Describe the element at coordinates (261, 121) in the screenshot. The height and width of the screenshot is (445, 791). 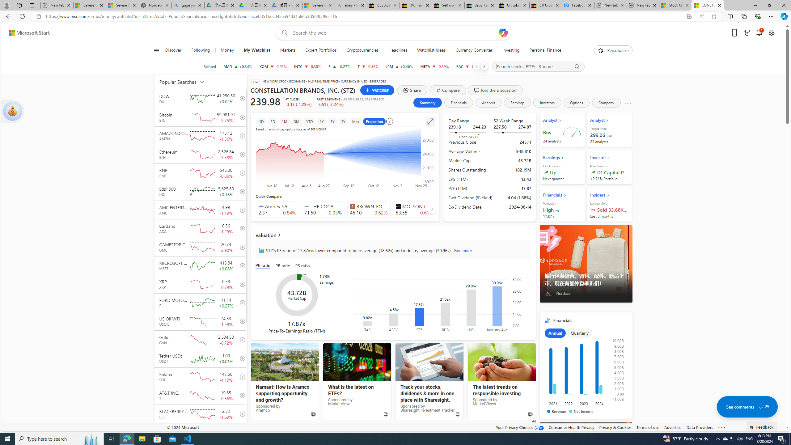
I see `'1D'` at that location.